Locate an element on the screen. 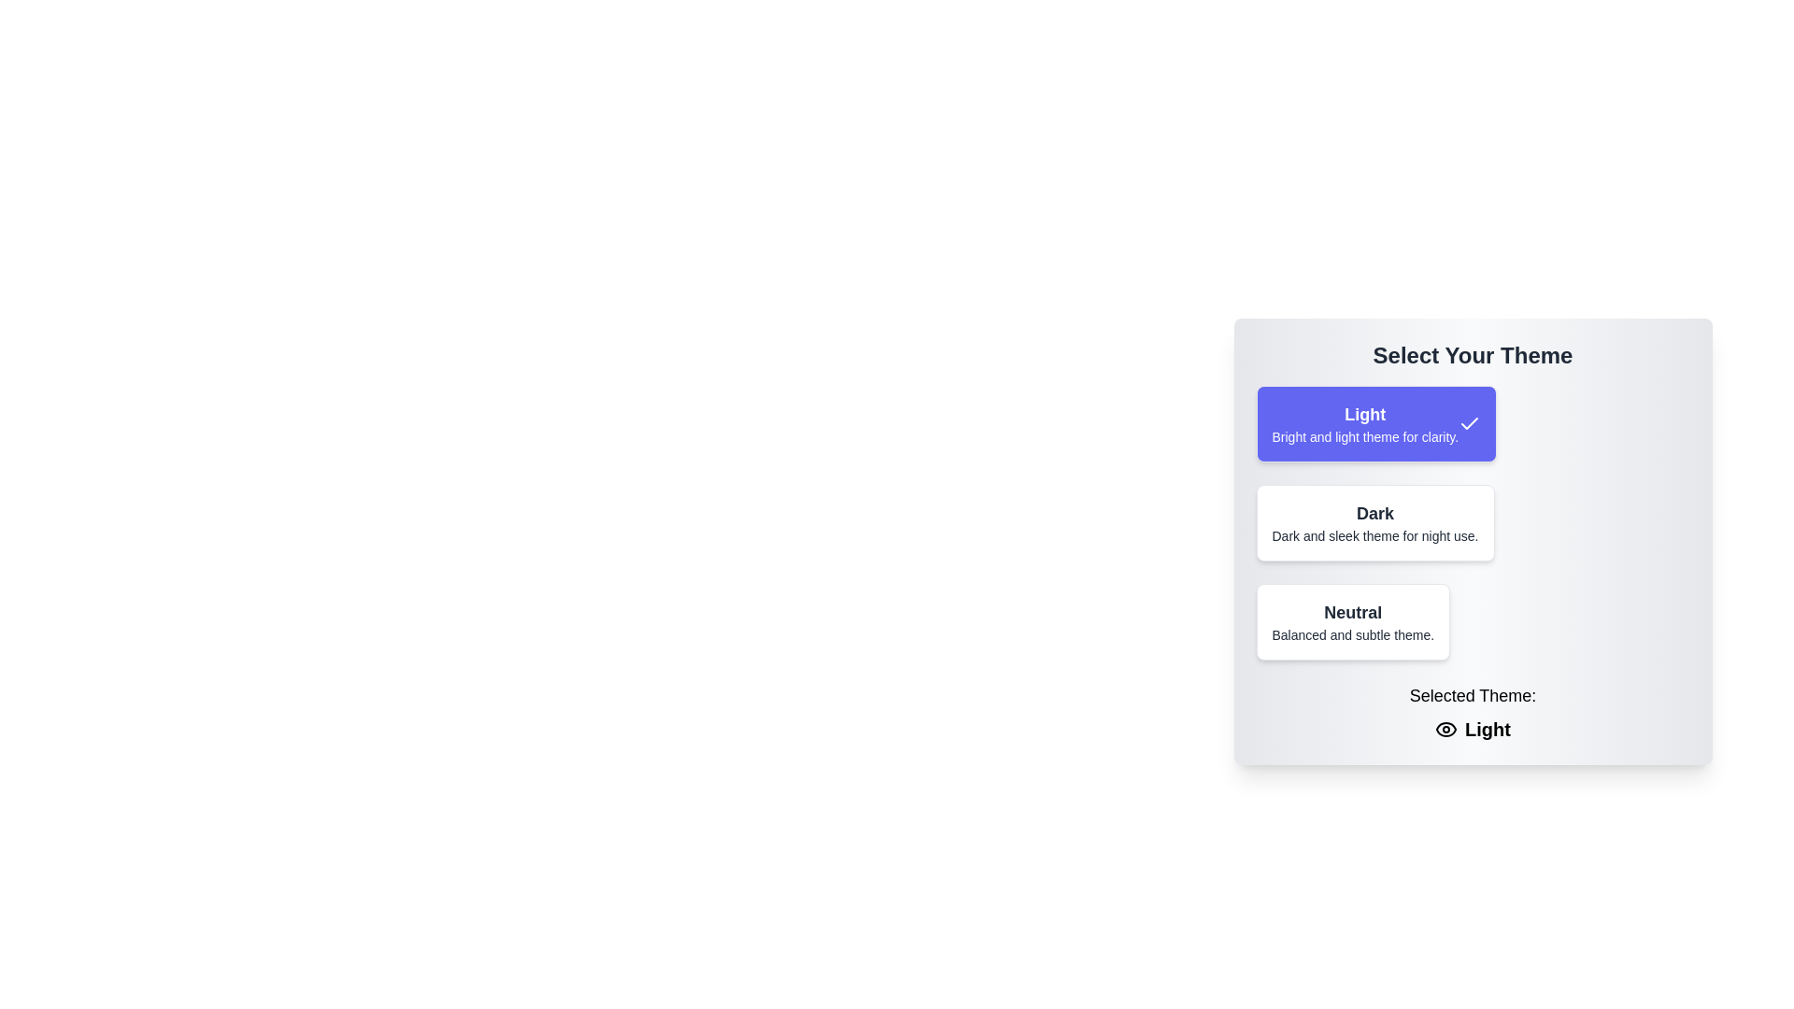  the text label displaying 'Selected Theme:' which is located above the 'Light' text and adjacent to the eye icon, styled in a clear sans-serif typeface on a light gray background is located at coordinates (1472, 695).